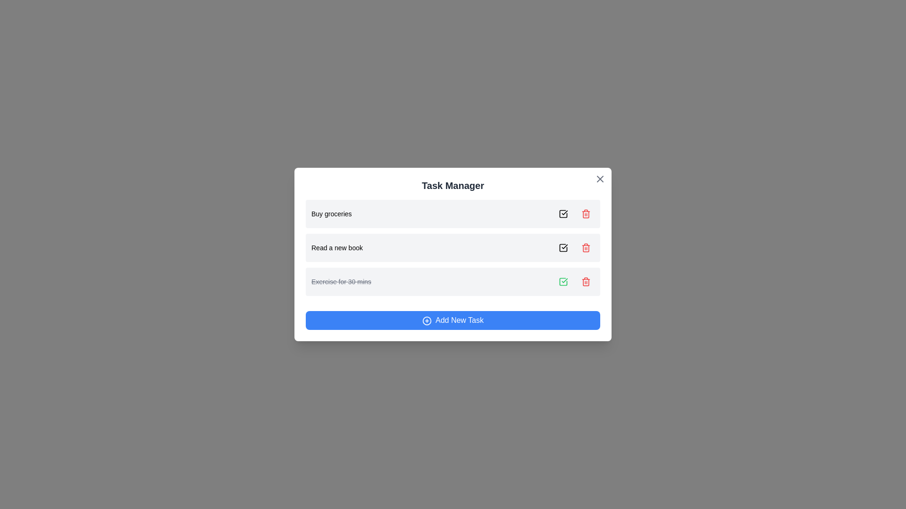 The image size is (906, 509). What do you see at coordinates (427, 320) in the screenshot?
I see `the graphical circle icon which is centered within the 'Add New Task' button located at the bottom section of the task management panel` at bounding box center [427, 320].